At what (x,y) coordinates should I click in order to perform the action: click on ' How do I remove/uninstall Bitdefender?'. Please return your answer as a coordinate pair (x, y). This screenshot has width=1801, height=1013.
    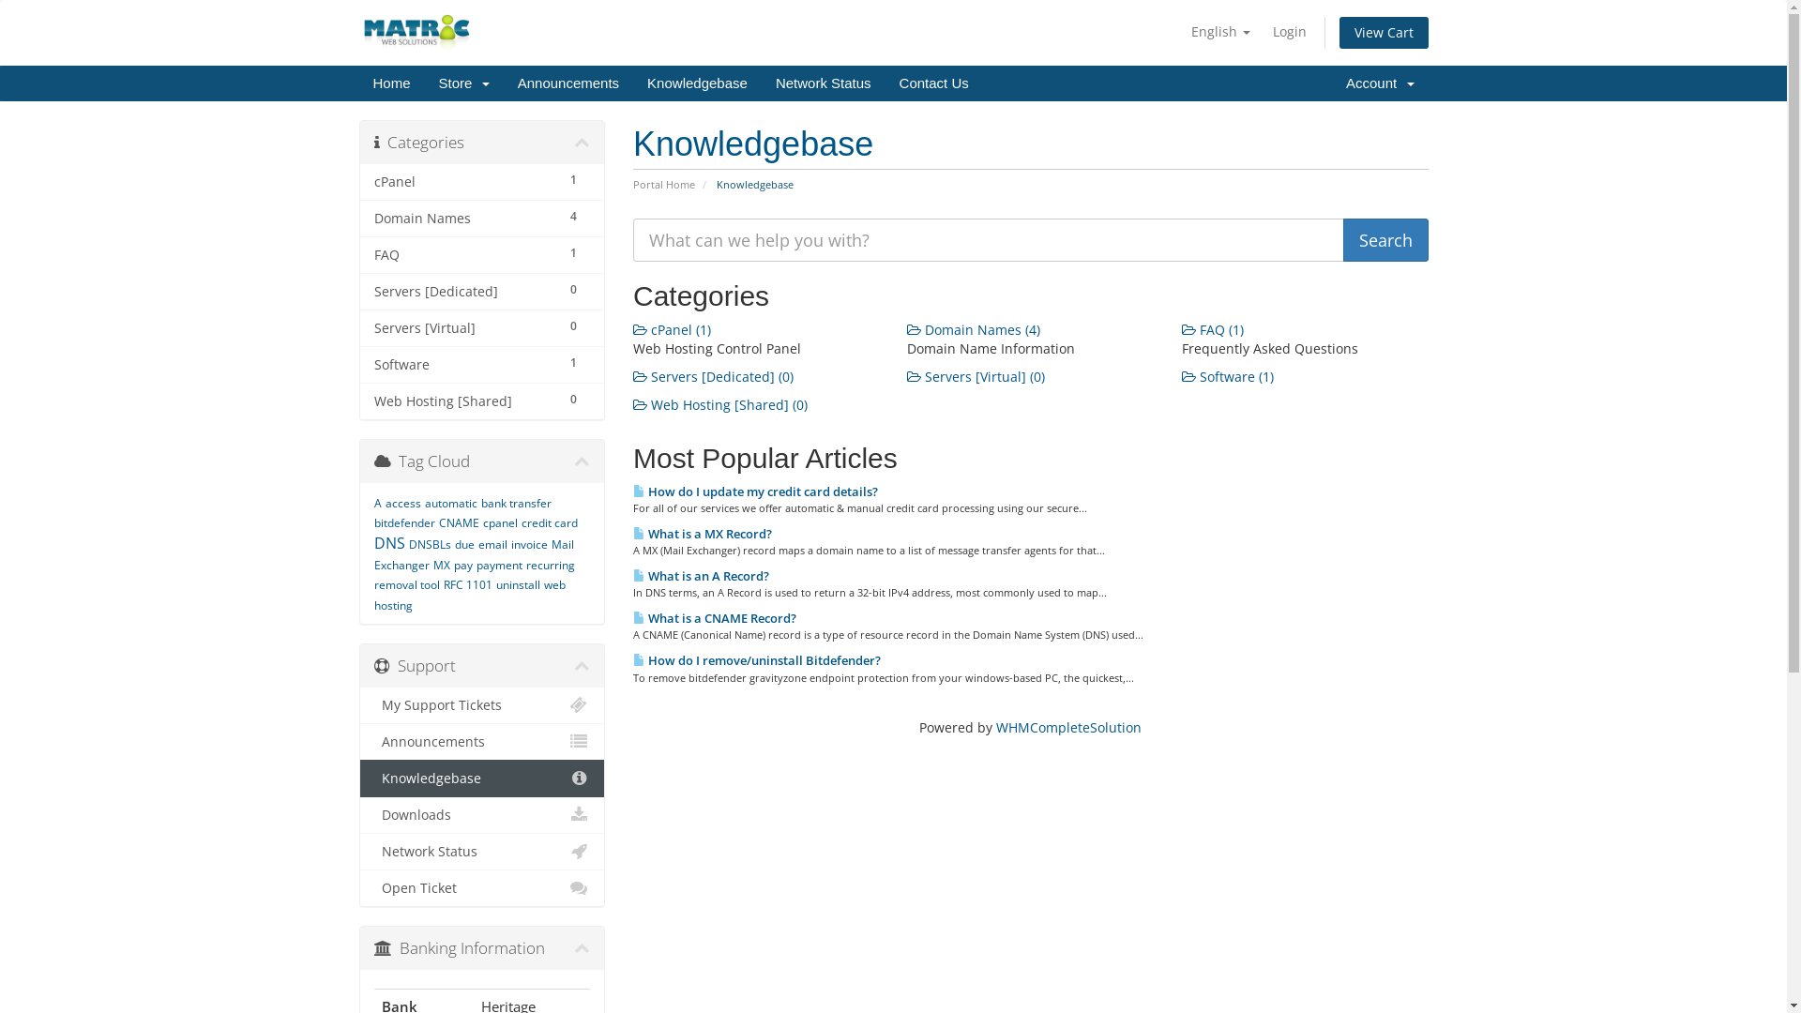
    Looking at the image, I should click on (756, 659).